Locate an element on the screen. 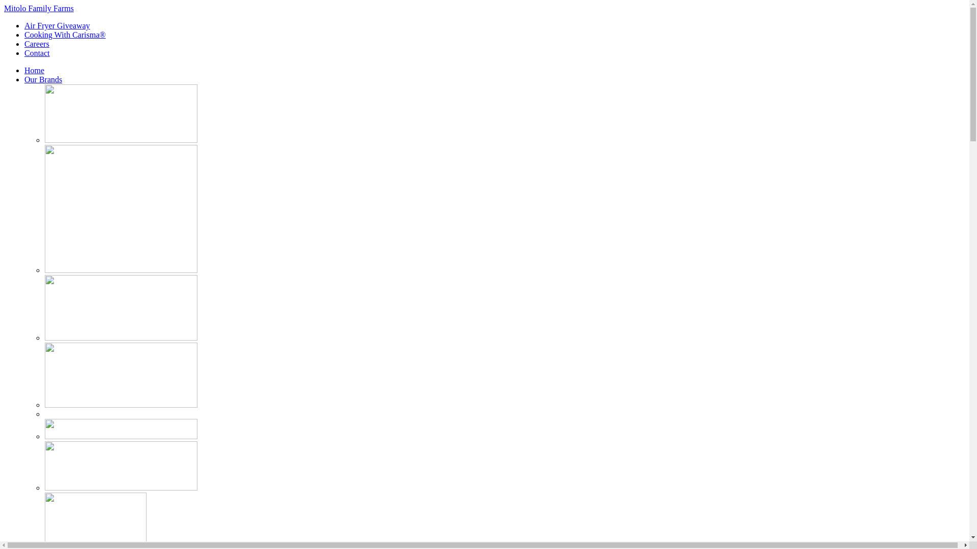 This screenshot has width=977, height=549. 'Contact' is located at coordinates (37, 53).